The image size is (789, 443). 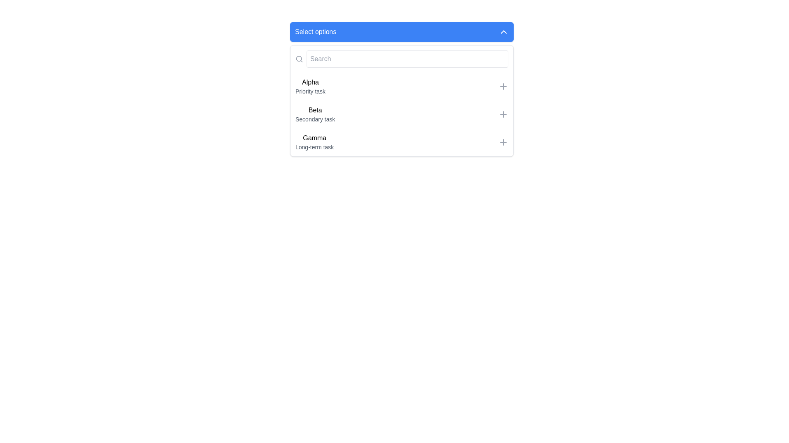 What do you see at coordinates (299, 58) in the screenshot?
I see `the magnifying glass icon, which represents search functionality and is located to the left of the text input box with the placeholder 'Search'` at bounding box center [299, 58].